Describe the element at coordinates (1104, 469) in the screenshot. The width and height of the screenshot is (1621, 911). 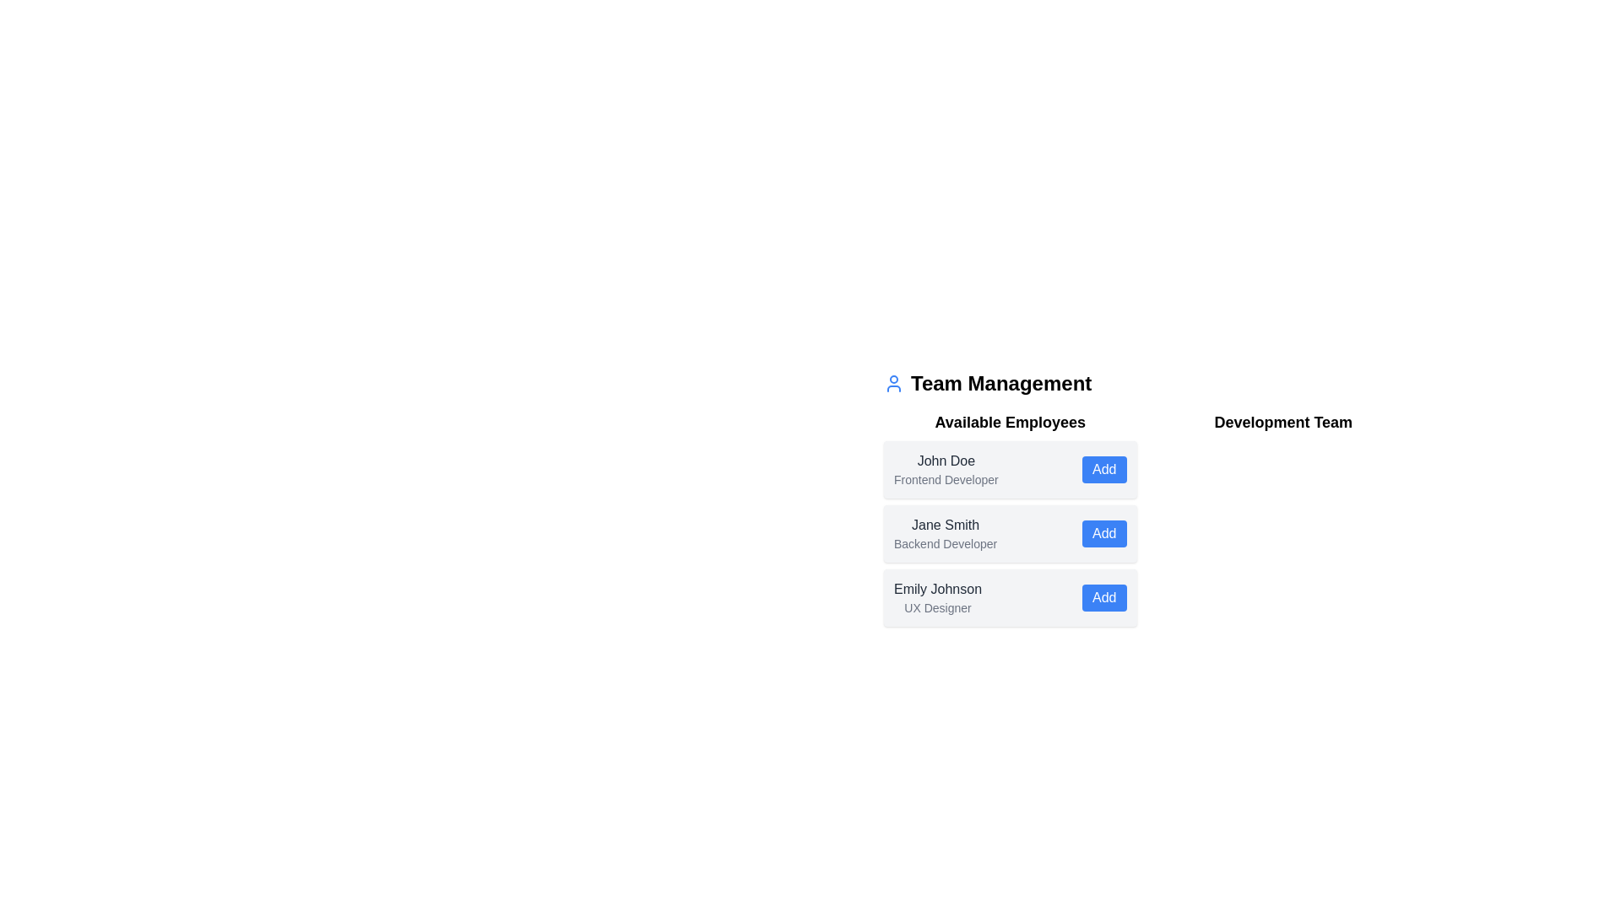
I see `the action button located to the right of the textual information about user 'John Doe'` at that location.